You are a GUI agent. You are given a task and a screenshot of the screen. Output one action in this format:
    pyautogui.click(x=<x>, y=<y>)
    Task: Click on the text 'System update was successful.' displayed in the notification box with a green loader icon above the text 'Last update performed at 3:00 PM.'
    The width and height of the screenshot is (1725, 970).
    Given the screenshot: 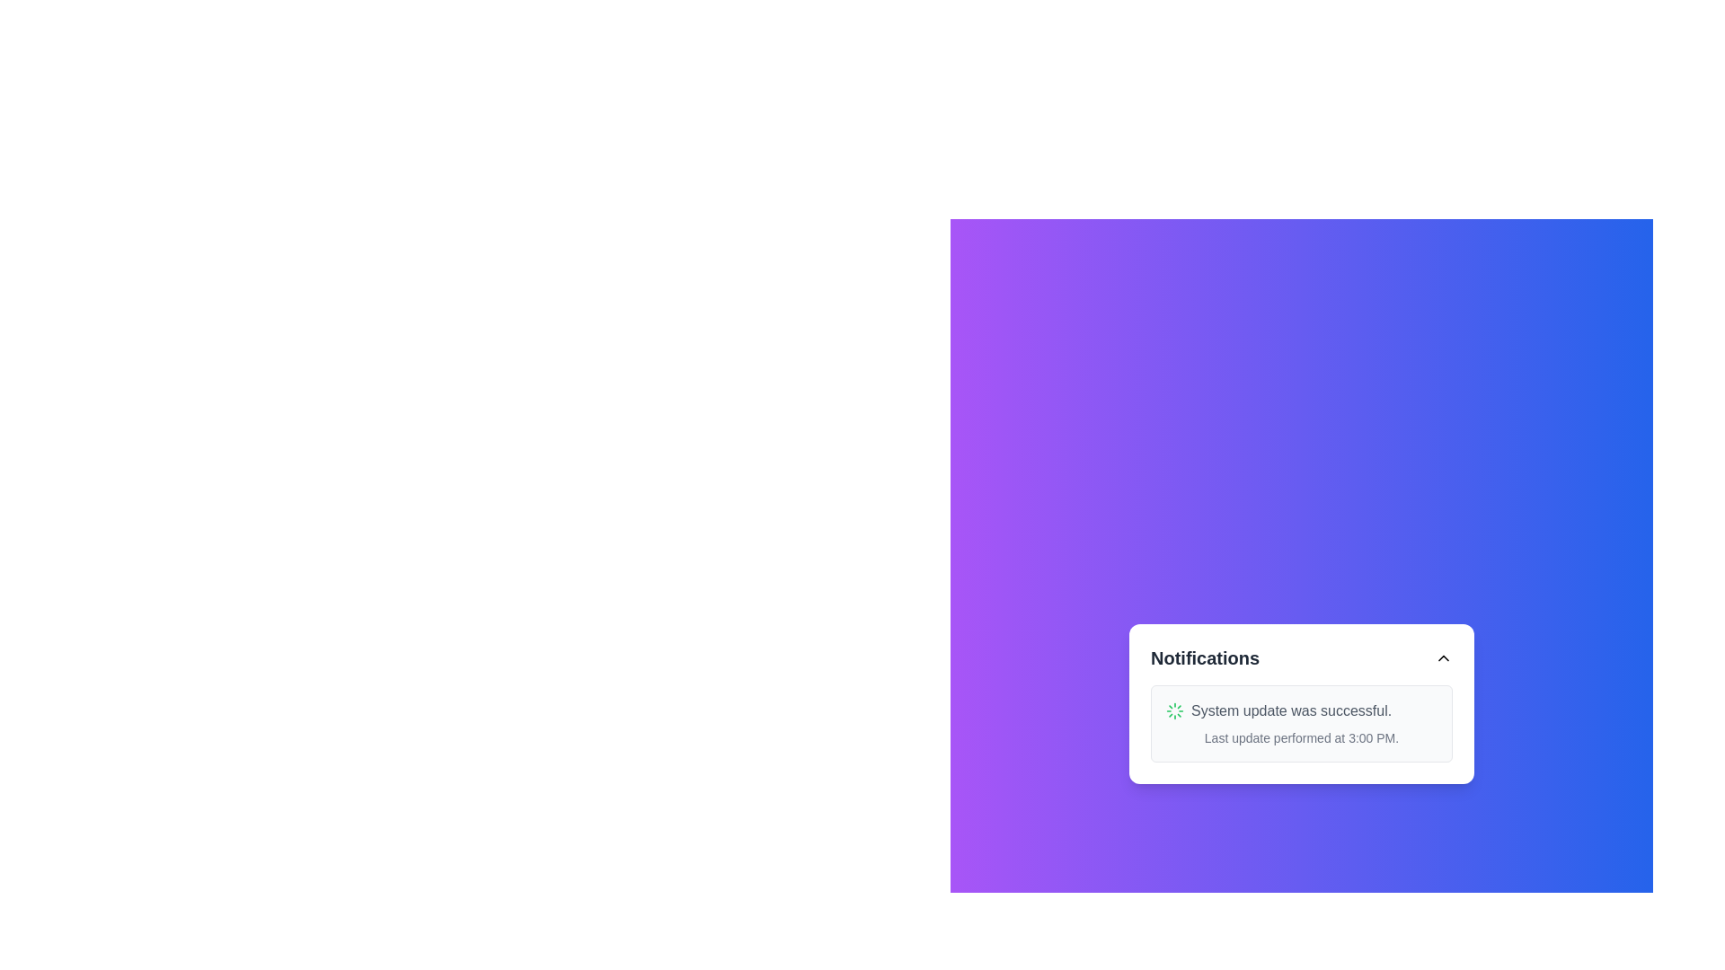 What is the action you would take?
    pyautogui.click(x=1302, y=710)
    